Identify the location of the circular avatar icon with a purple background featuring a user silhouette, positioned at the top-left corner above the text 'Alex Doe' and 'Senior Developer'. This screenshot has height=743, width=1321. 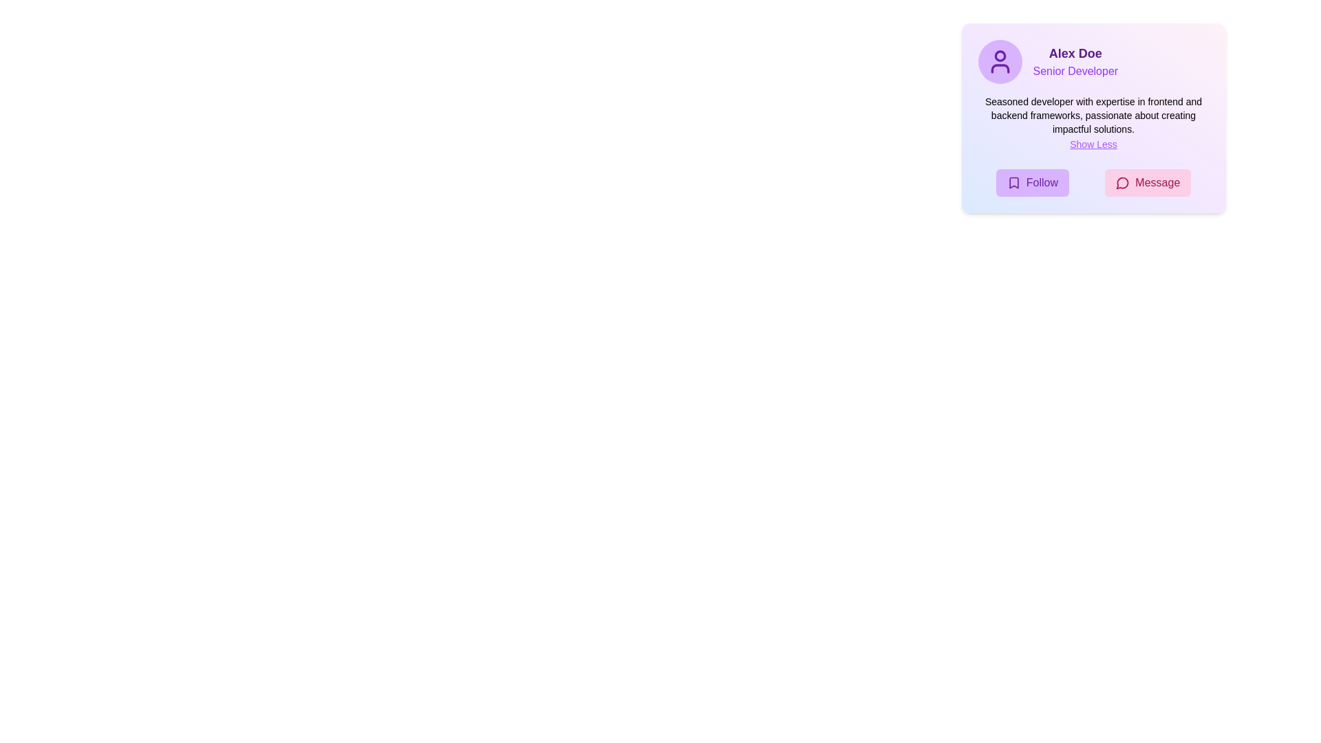
(1000, 61).